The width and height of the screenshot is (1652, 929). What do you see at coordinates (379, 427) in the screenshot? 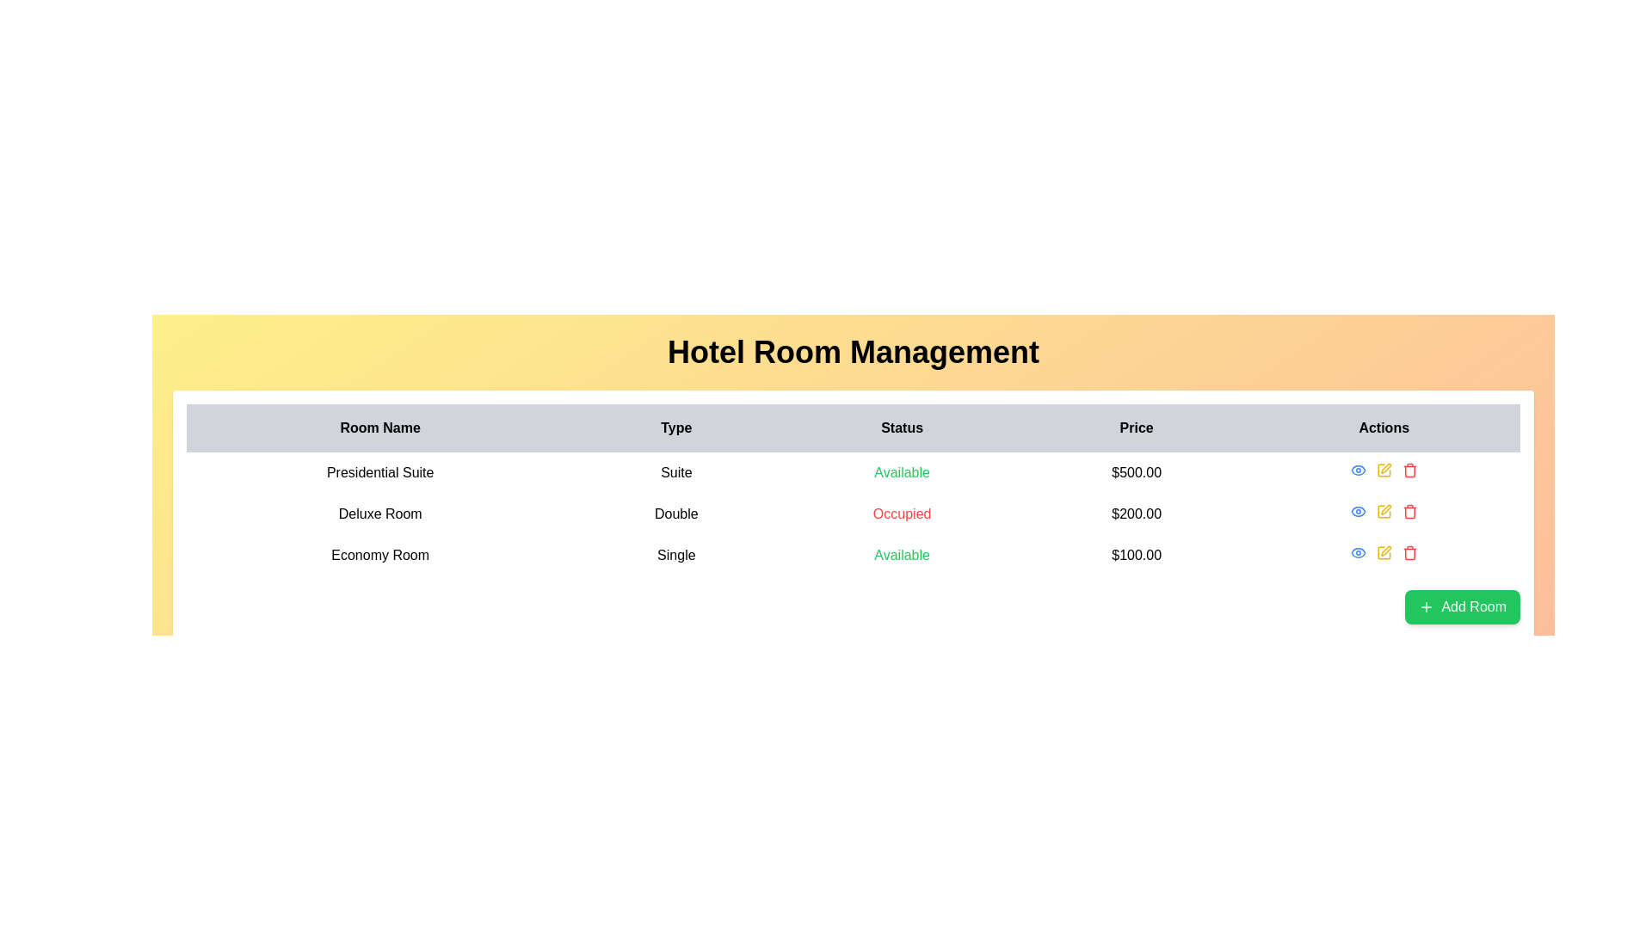
I see `the 'Room Name' text label, which is a medium-sized font label centered within a light gray rectangular background, serving as the first column header in a table layout` at bounding box center [379, 427].